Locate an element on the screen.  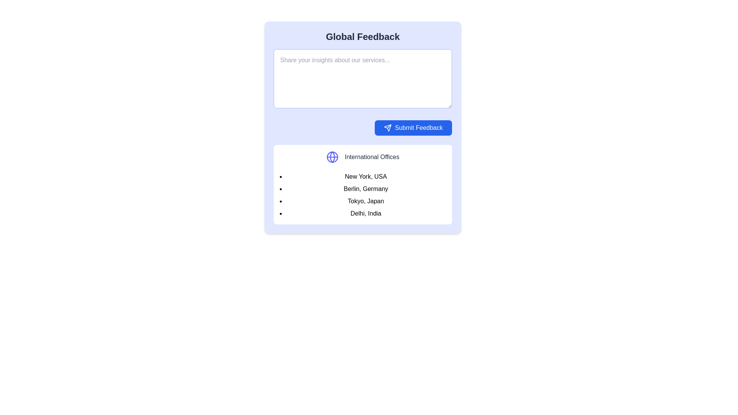
the Text label displaying 'Tokyo, Japan' which is the third item in a vertical list of locations within the 'International Offices' section is located at coordinates (365, 201).